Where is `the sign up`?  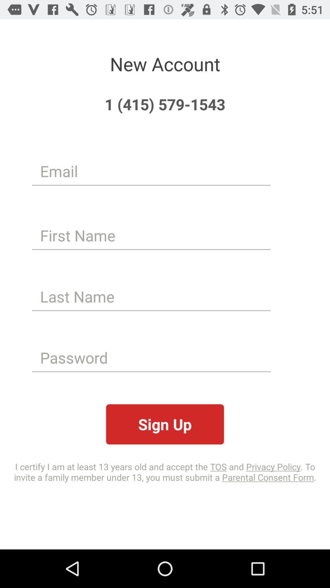
the sign up is located at coordinates (165, 424).